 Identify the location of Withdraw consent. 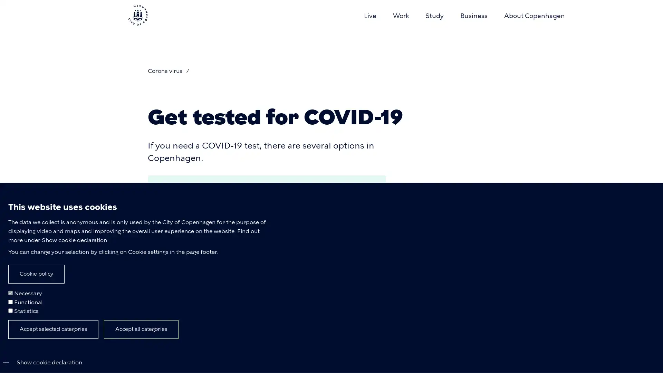
(115, 333).